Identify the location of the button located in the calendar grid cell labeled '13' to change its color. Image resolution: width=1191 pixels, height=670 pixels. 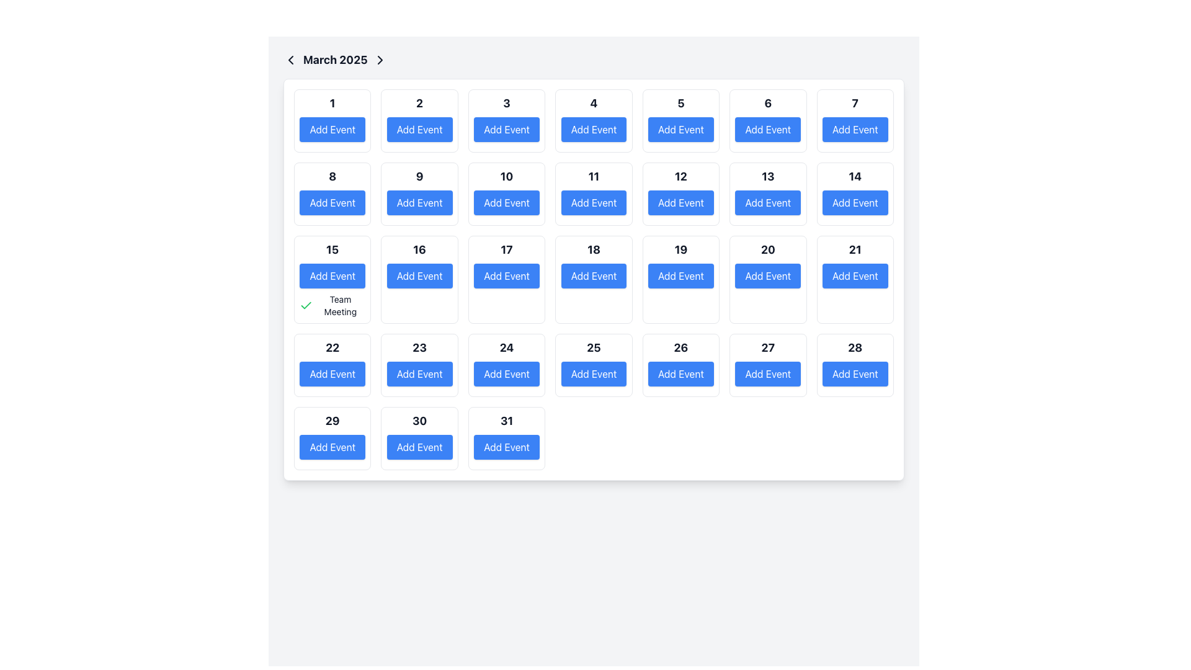
(767, 202).